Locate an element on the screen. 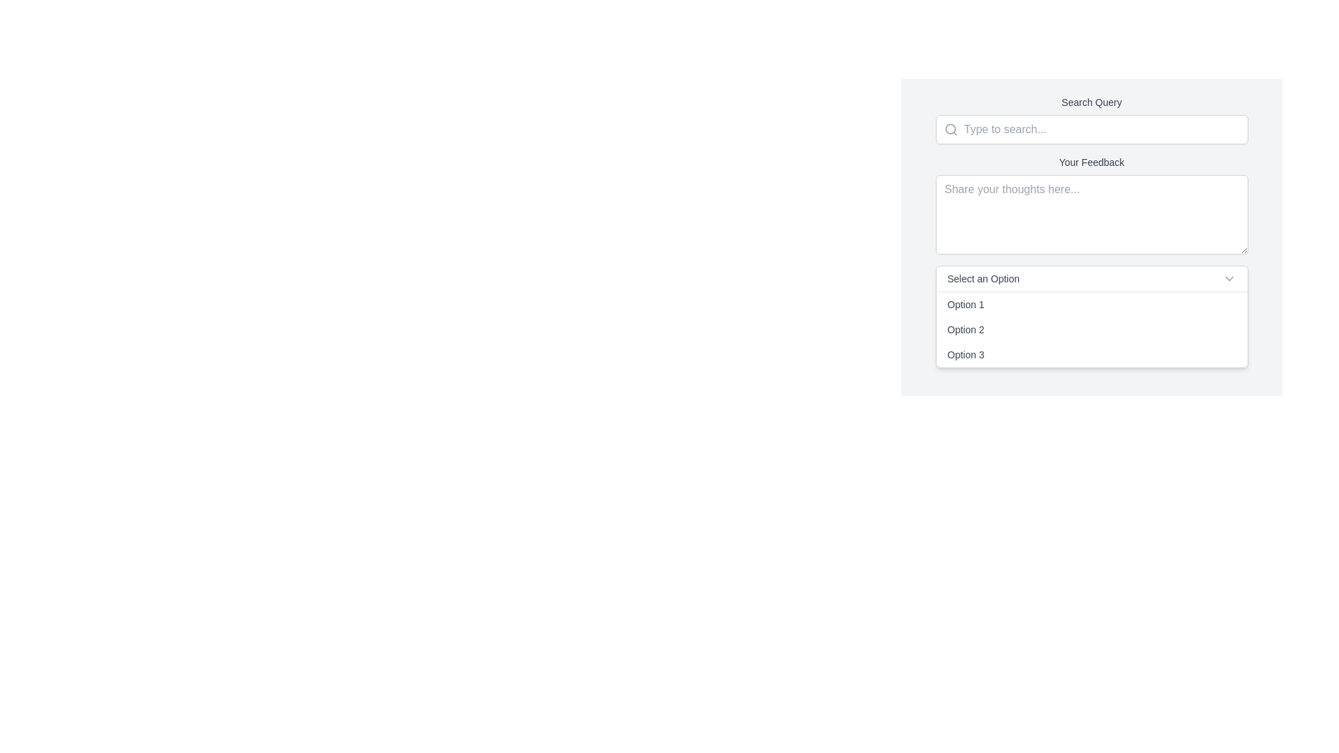 This screenshot has width=1339, height=753. an option in the dropdown menu located directly below the 'Select an Option' dropdown to make a selection is located at coordinates (1091, 329).